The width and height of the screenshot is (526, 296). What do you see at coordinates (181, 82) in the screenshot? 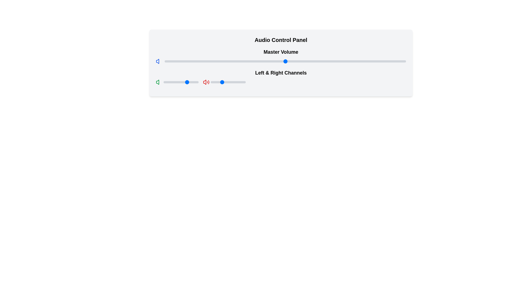
I see `the left-right channel balance` at bounding box center [181, 82].